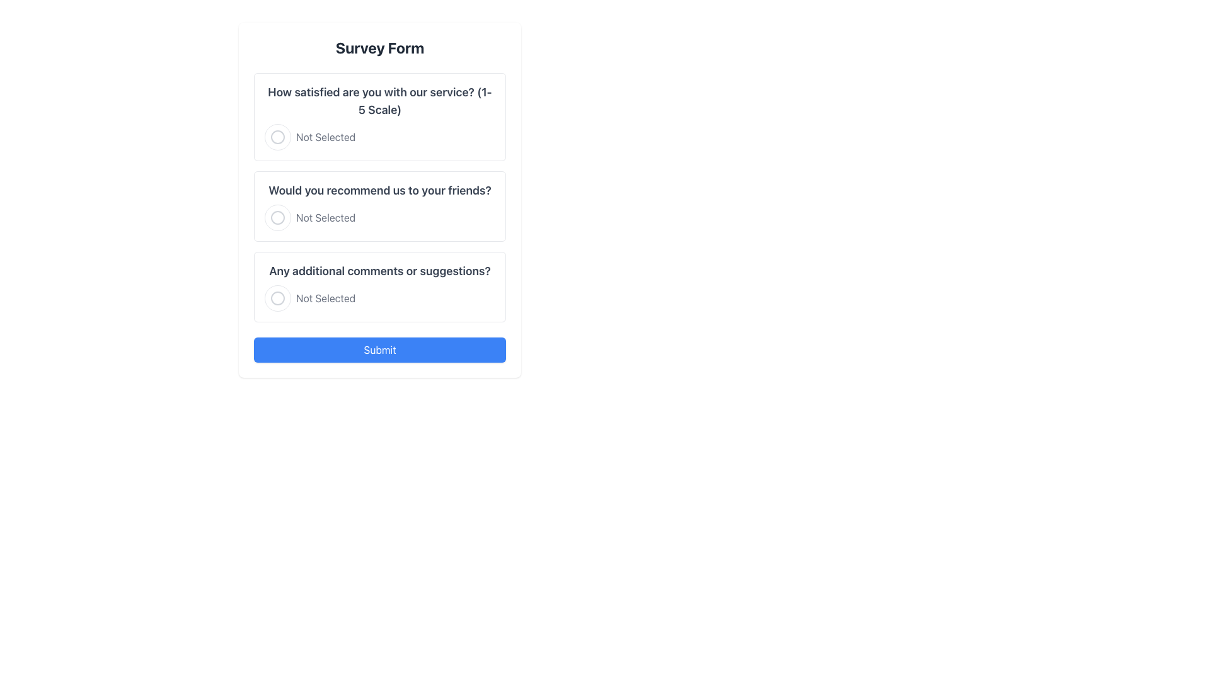 The height and width of the screenshot is (680, 1210). I want to click on the text and radio button option in the interactive question block located below the previous survey questions, so click(379, 286).